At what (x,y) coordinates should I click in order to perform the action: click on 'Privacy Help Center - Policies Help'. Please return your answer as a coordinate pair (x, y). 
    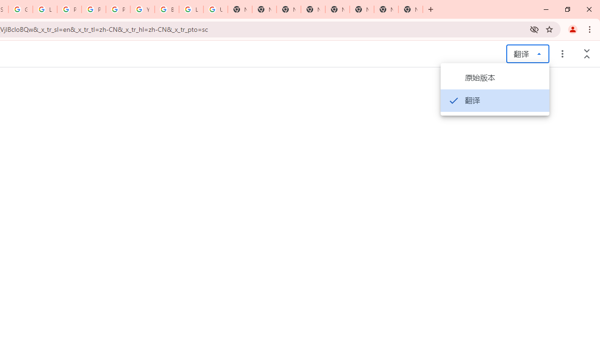
    Looking at the image, I should click on (94, 9).